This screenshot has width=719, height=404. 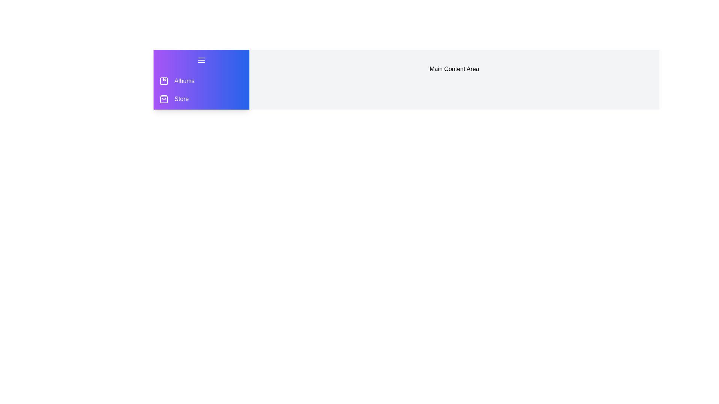 What do you see at coordinates (201, 60) in the screenshot?
I see `the menu button to toggle the drawer` at bounding box center [201, 60].